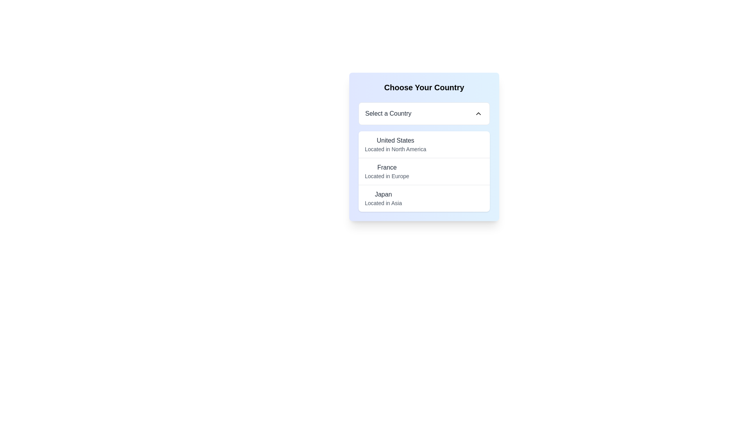 The image size is (750, 422). What do you see at coordinates (395, 149) in the screenshot?
I see `the text label that reads 'Located in North America', which is positioned directly below 'United States' in the country and region selection section` at bounding box center [395, 149].